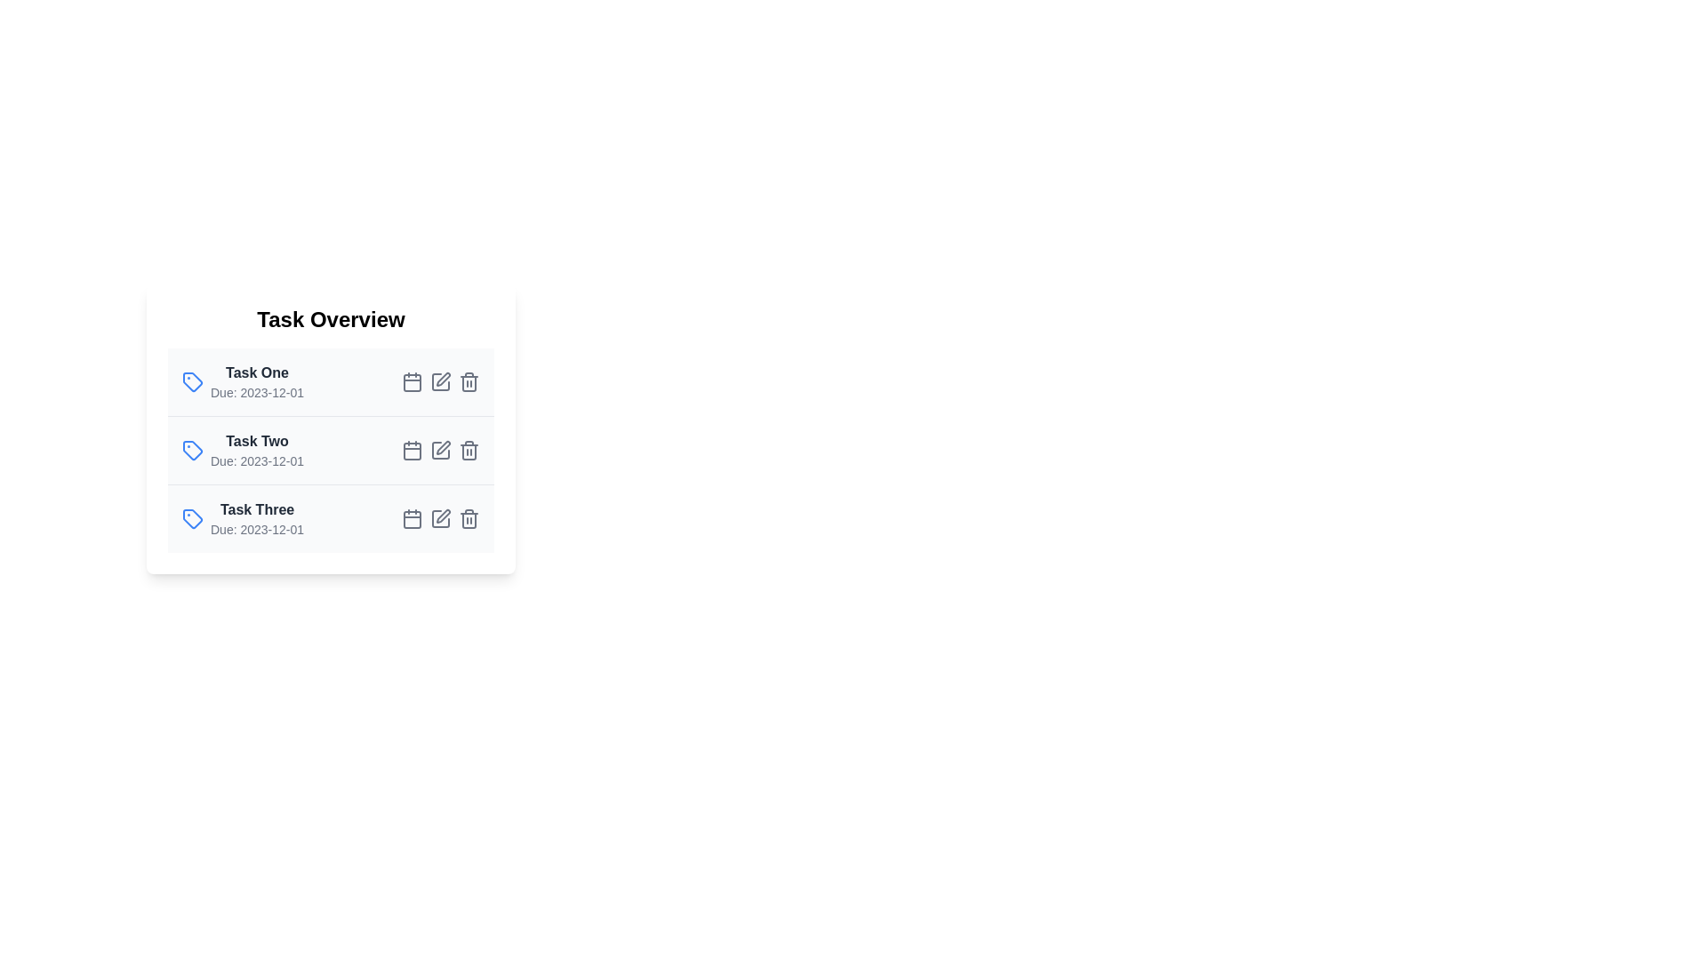 This screenshot has width=1707, height=960. I want to click on the trash bin icon button located at the rightmost position in the row for 'Task Two', so click(469, 449).